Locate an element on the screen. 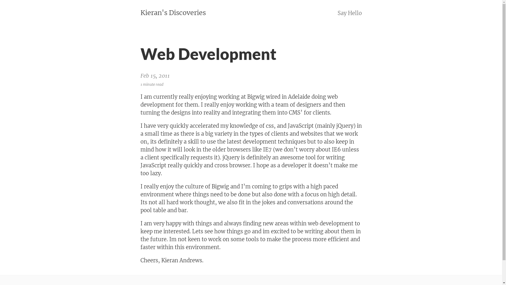  'Kieran's Discoveries' is located at coordinates (173, 13).